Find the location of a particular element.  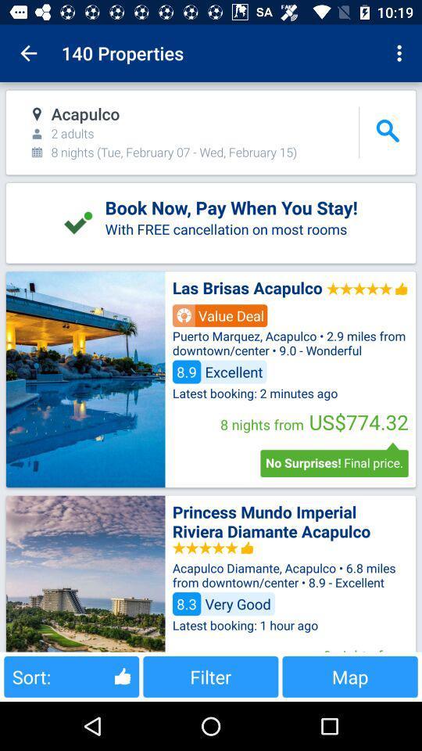

hotel is located at coordinates (85, 379).